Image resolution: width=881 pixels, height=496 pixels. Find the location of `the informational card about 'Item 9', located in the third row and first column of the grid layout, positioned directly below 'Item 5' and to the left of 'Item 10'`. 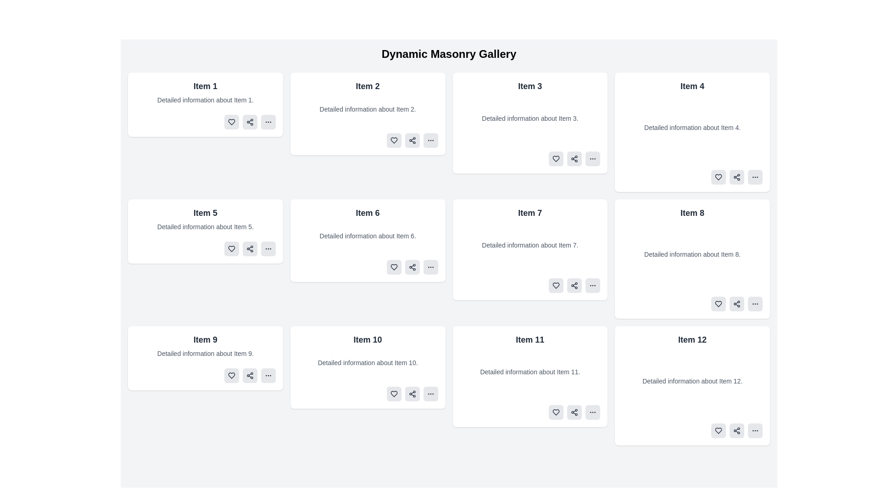

the informational card about 'Item 9', located in the third row and first column of the grid layout, positioned directly below 'Item 5' and to the left of 'Item 10' is located at coordinates (205, 357).